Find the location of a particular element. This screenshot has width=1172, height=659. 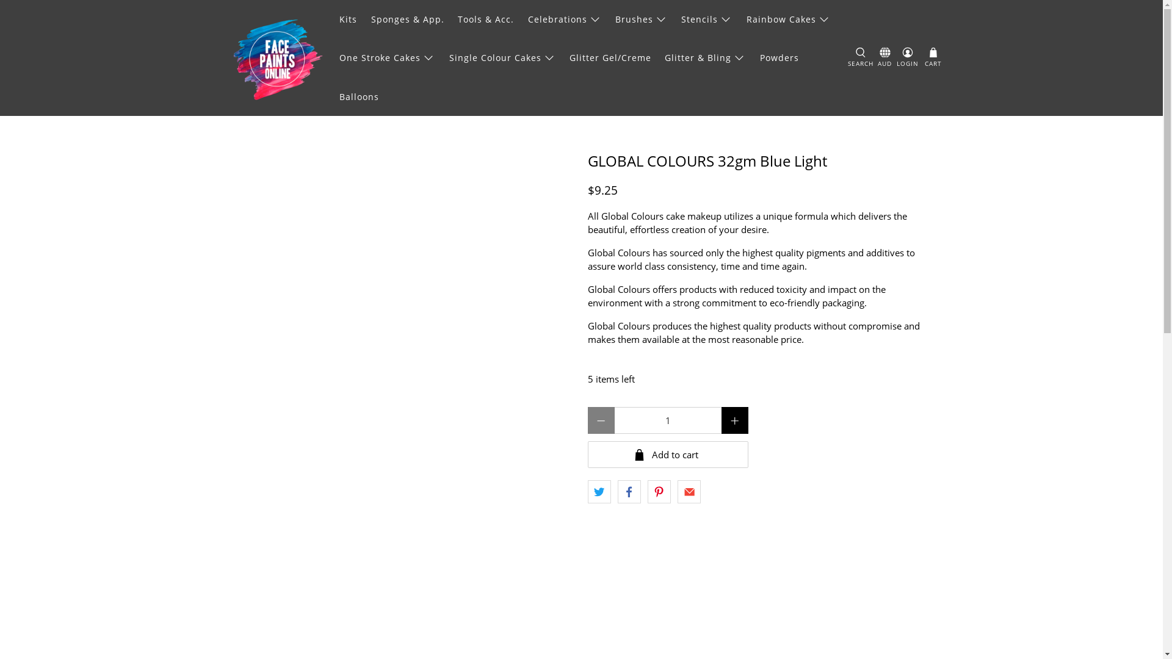

'Single Colour Cakes' is located at coordinates (502, 57).